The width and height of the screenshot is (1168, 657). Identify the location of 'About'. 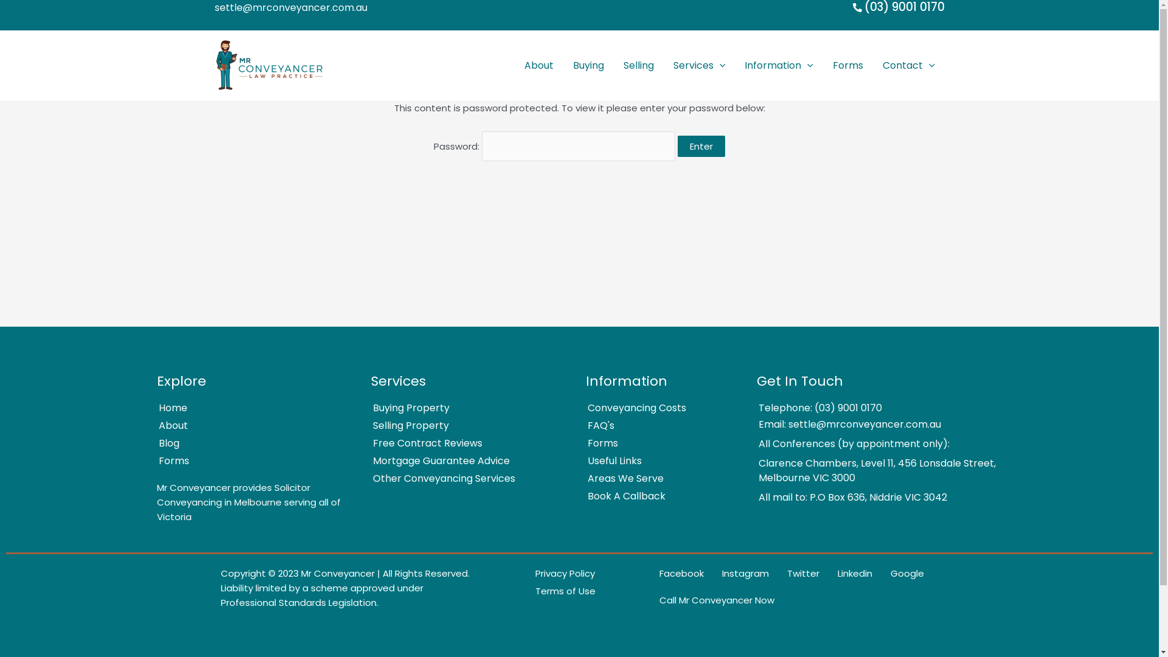
(250, 425).